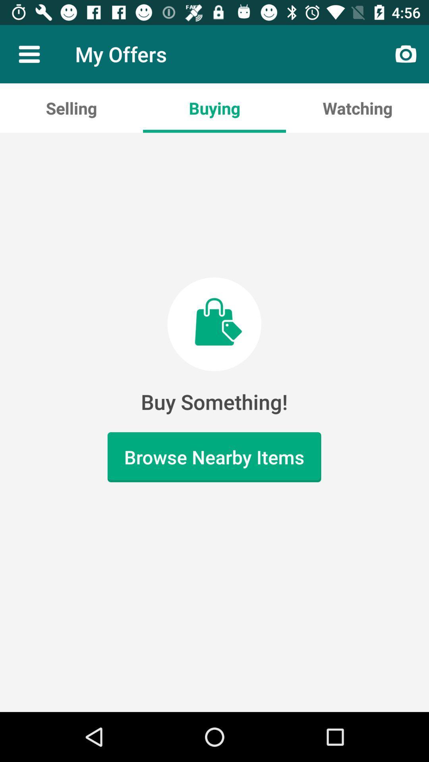  Describe the element at coordinates (29, 54) in the screenshot. I see `icon above the selling` at that location.